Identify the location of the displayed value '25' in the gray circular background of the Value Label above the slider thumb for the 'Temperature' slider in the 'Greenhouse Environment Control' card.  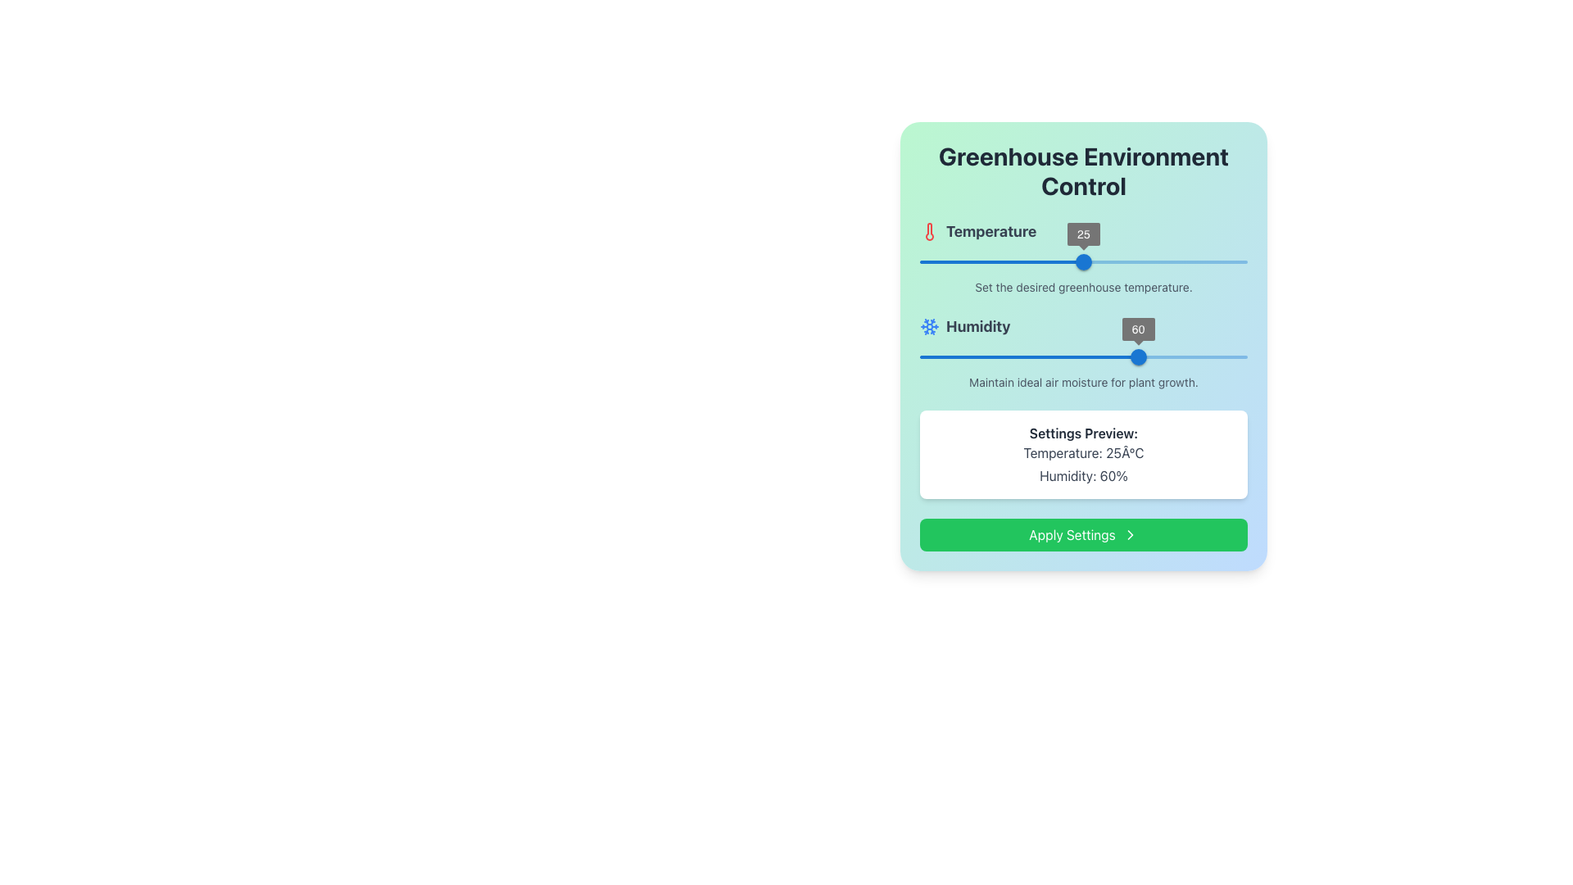
(1084, 234).